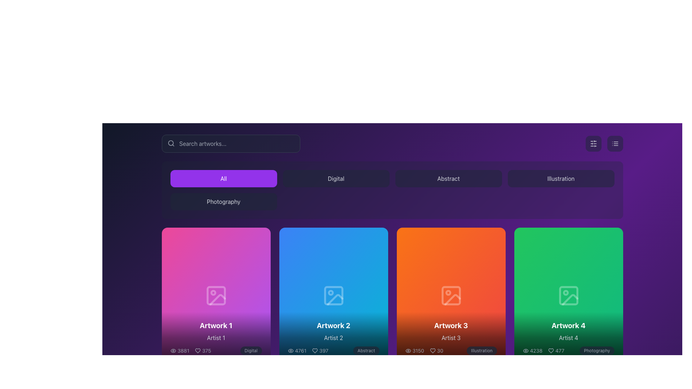 This screenshot has width=692, height=389. I want to click on the heart icon in the statistics display element to like the associated content on the 'Artwork 2' card, so click(320, 350).